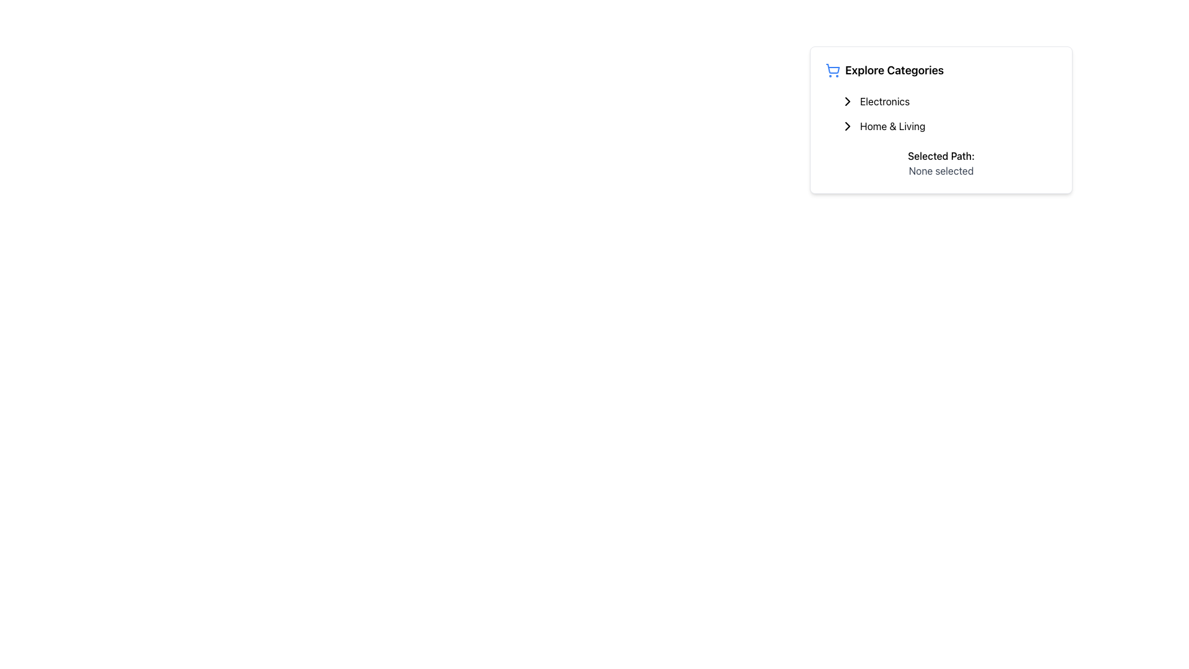 The width and height of the screenshot is (1189, 669). Describe the element at coordinates (847, 126) in the screenshot. I see `the graphical indicator icon located to the immediate left of the 'Home & Living' text label in the 'Explore Categories' section` at that location.